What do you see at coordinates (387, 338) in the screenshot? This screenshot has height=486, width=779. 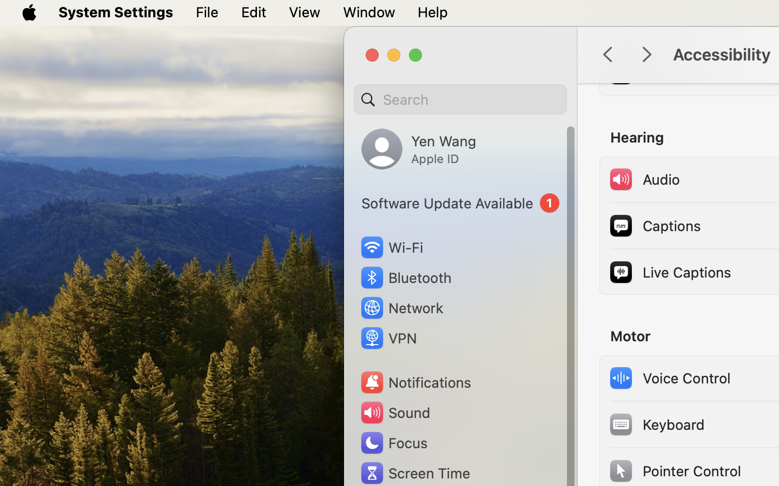 I see `'VPN'` at bounding box center [387, 338].